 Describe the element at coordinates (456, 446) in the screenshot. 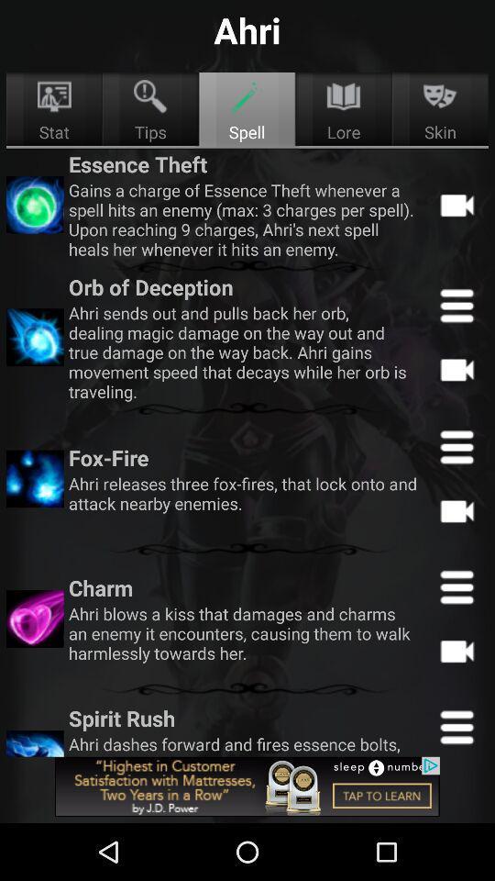

I see `show menu for item` at that location.